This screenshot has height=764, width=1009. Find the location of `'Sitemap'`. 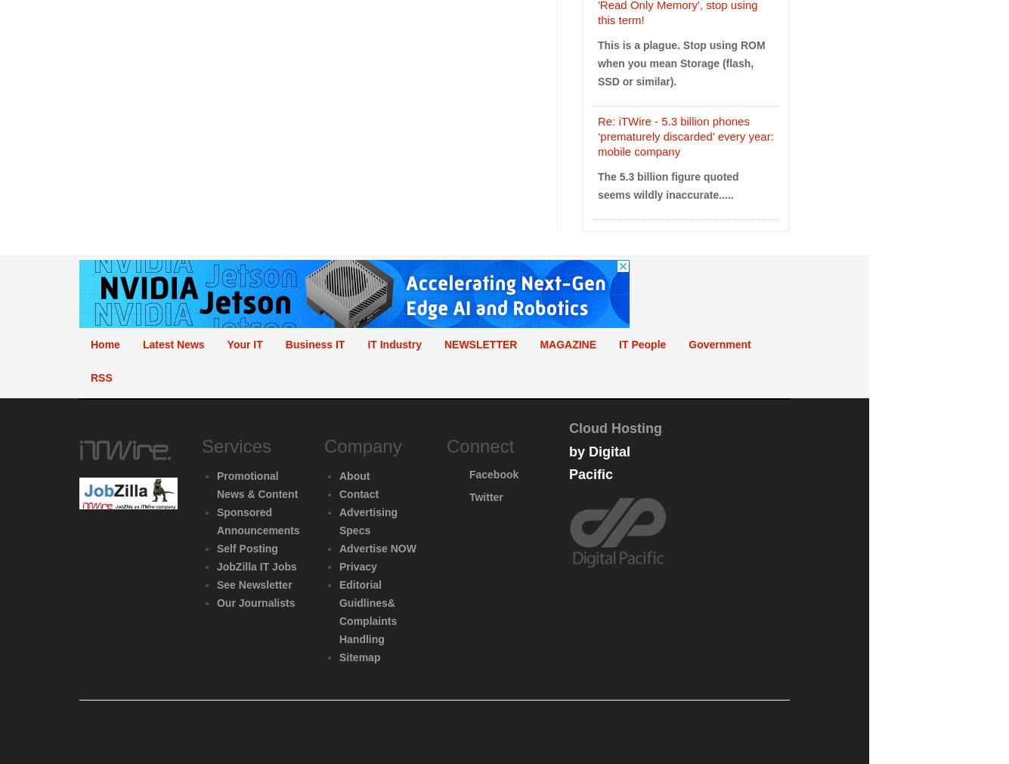

'Sitemap' is located at coordinates (359, 657).